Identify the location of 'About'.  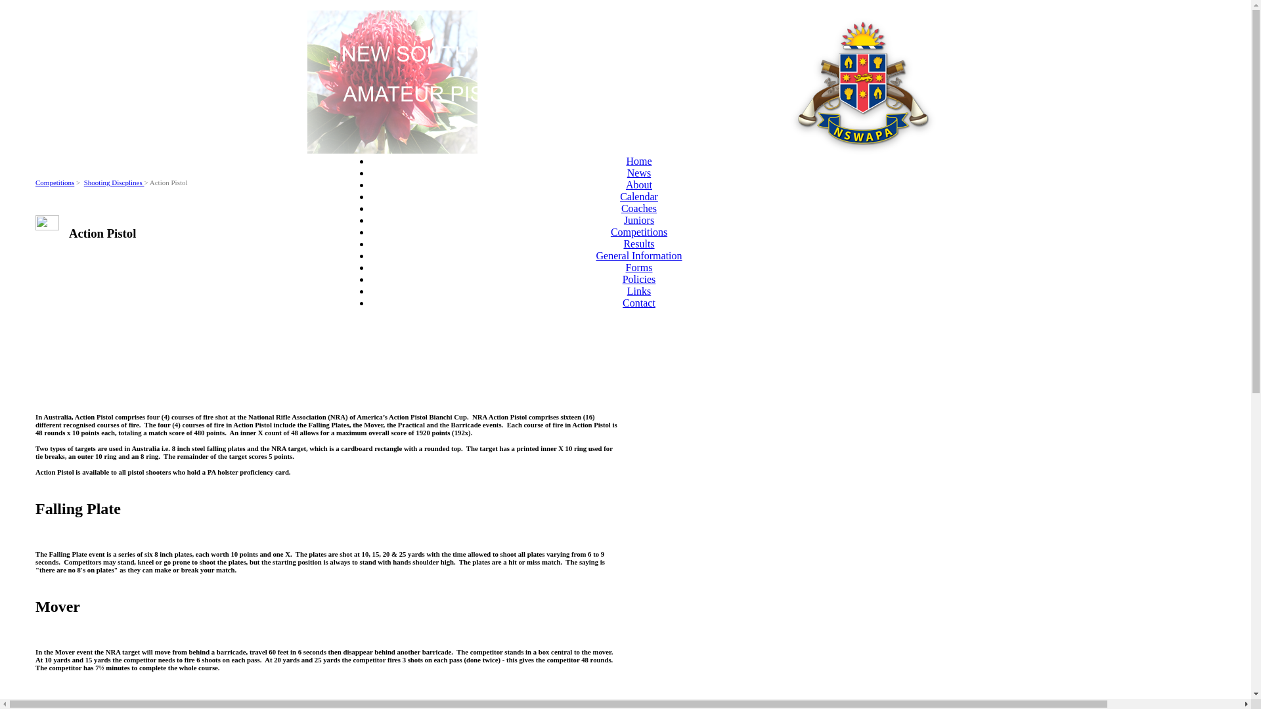
(625, 184).